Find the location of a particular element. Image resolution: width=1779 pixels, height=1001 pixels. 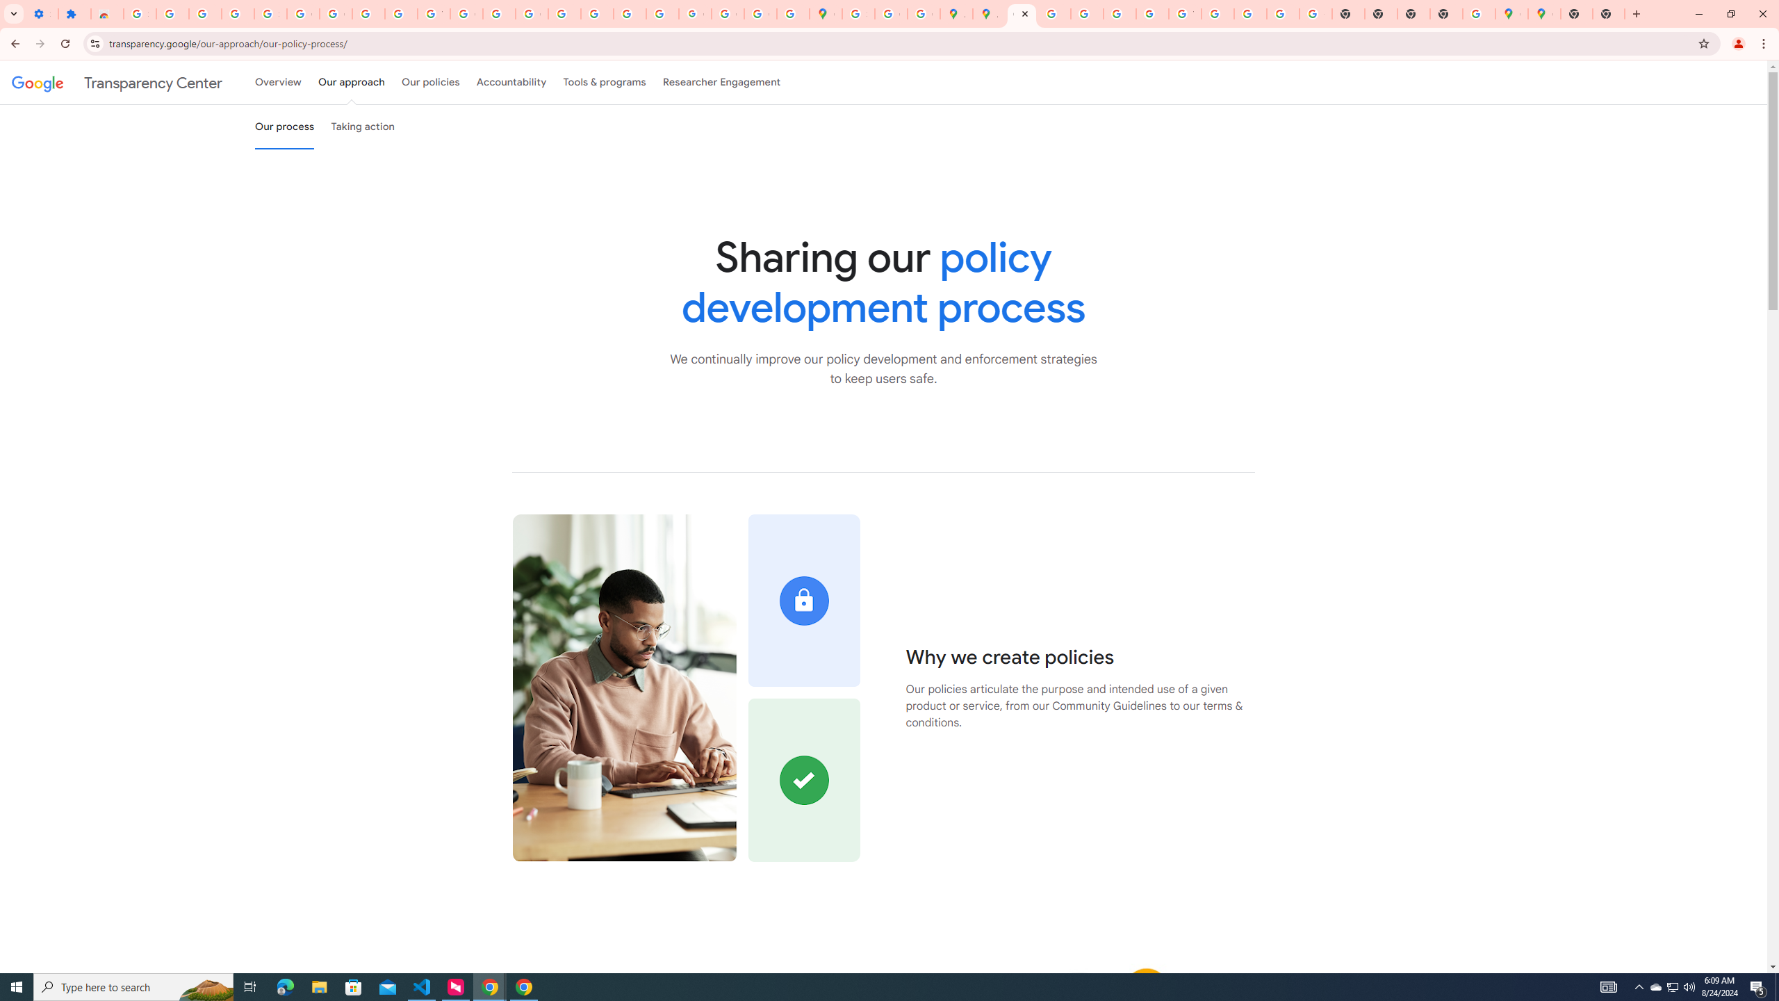

'Privacy Help Center - Policies Help' is located at coordinates (1087, 13).